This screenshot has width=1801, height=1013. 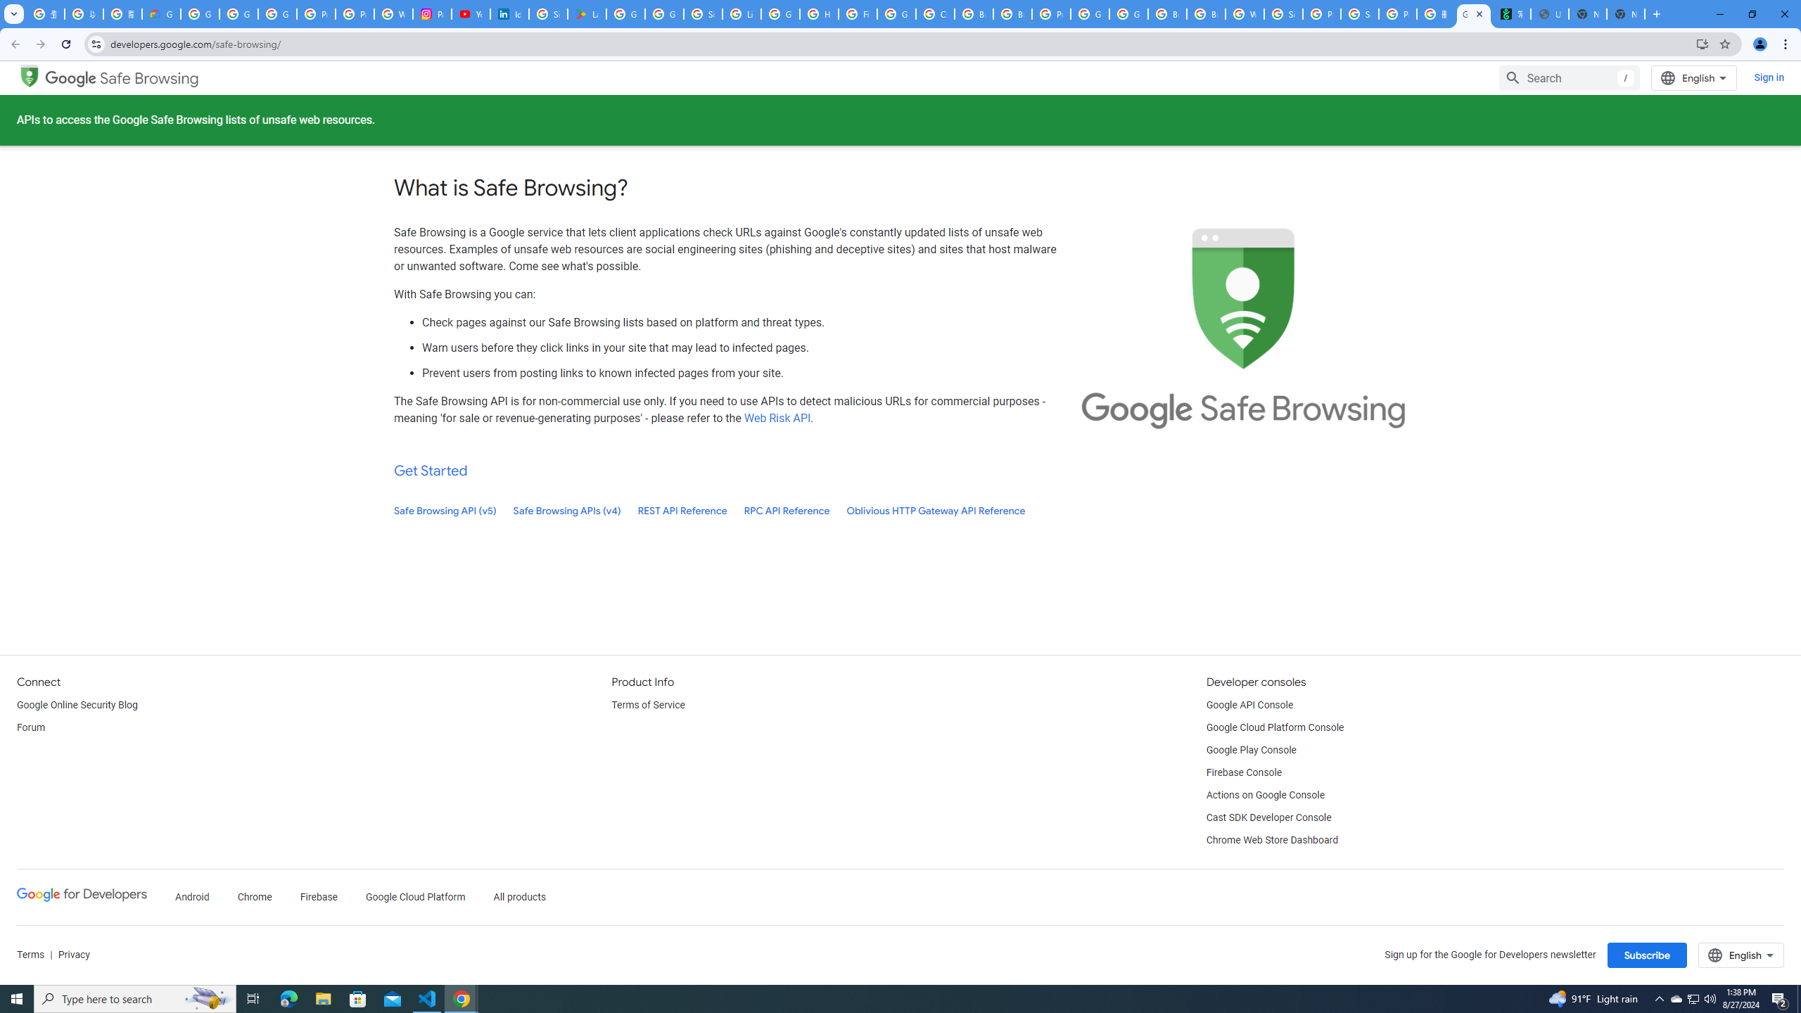 I want to click on 'Google Workspace - Specific Terms', so click(x=663, y=13).